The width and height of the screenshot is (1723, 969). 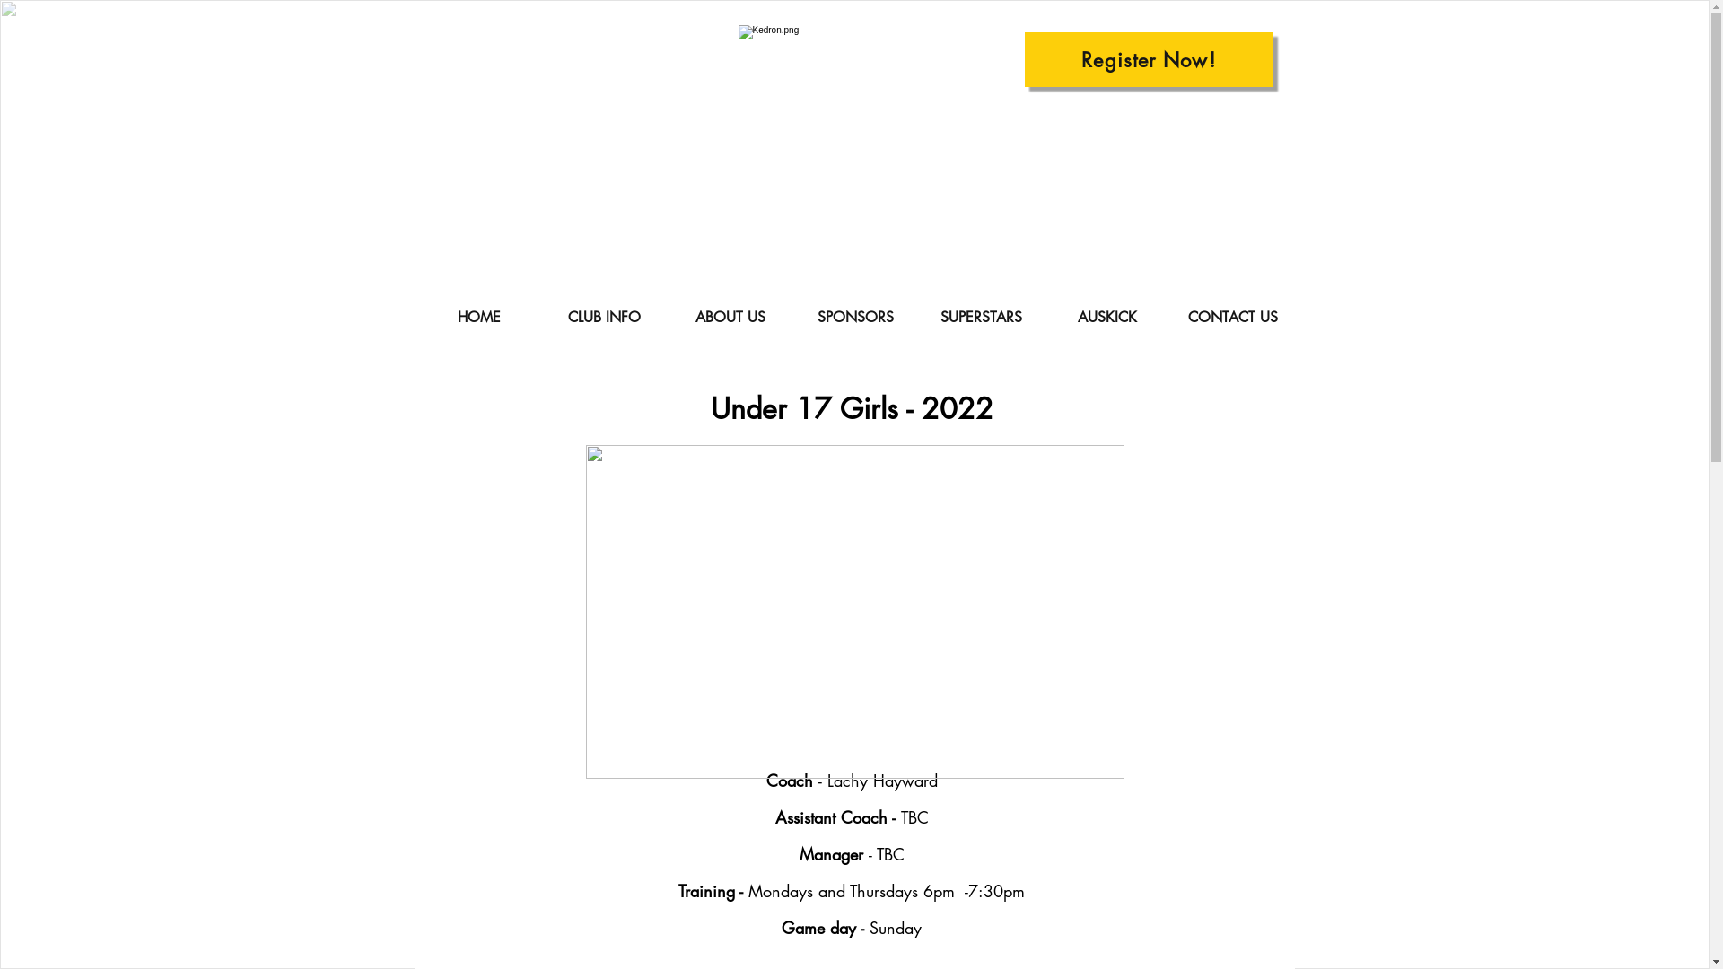 What do you see at coordinates (1044, 317) in the screenshot?
I see `'AUSKICK'` at bounding box center [1044, 317].